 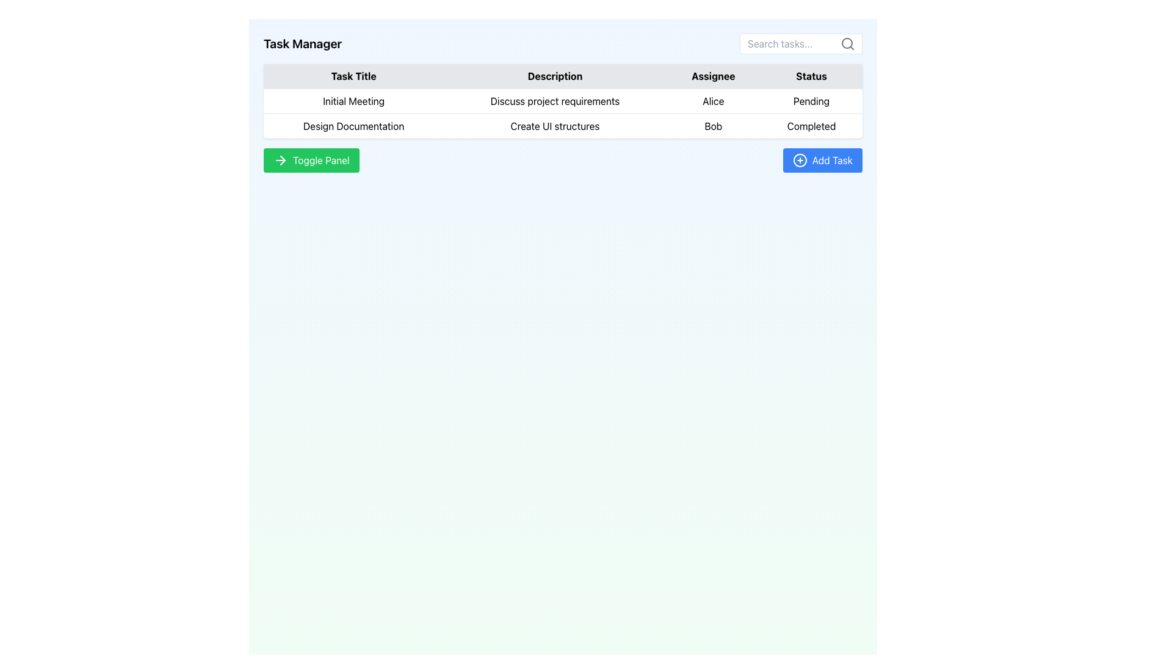 I want to click on the 'Create UI structures' text in the second row of the table to modify its description, so click(x=562, y=126).